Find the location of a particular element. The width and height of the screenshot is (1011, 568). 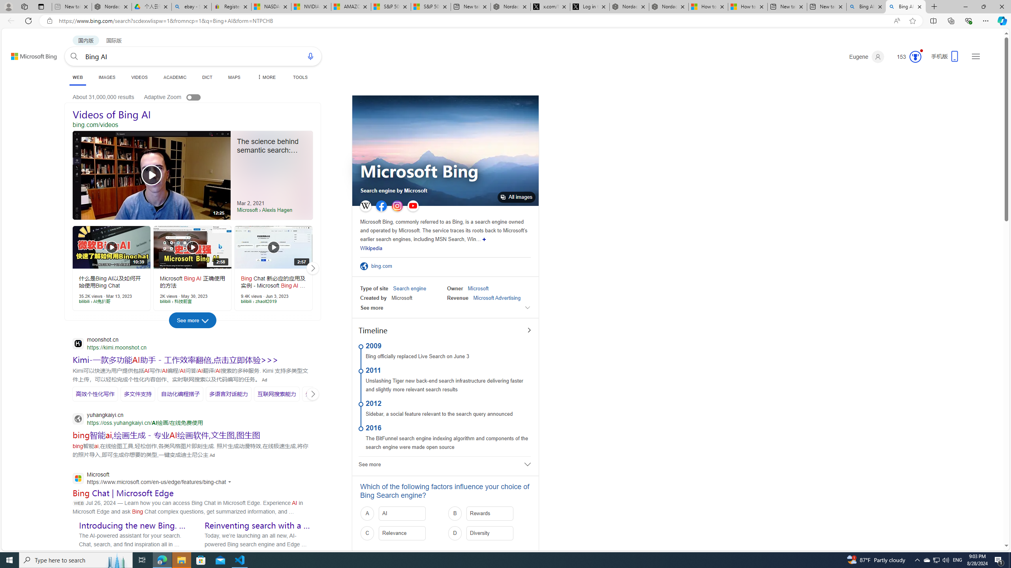

'D Diversity' is located at coordinates (489, 533).